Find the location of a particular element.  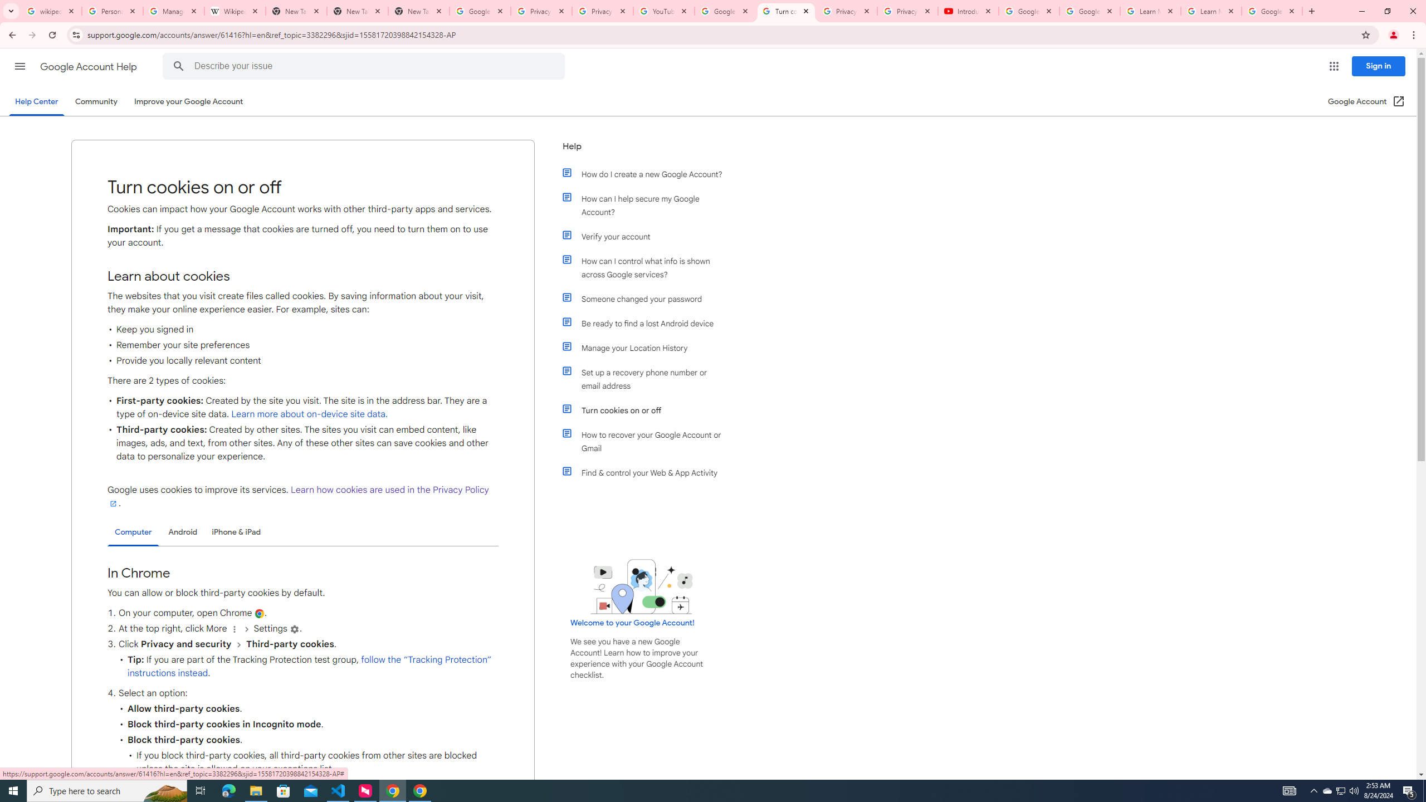

'Google Account Help' is located at coordinates (89, 66).